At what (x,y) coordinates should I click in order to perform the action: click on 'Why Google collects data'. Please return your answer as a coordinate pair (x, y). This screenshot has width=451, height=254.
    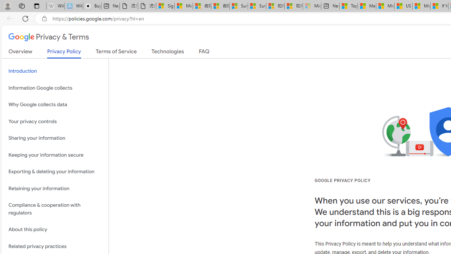
    Looking at the image, I should click on (55, 105).